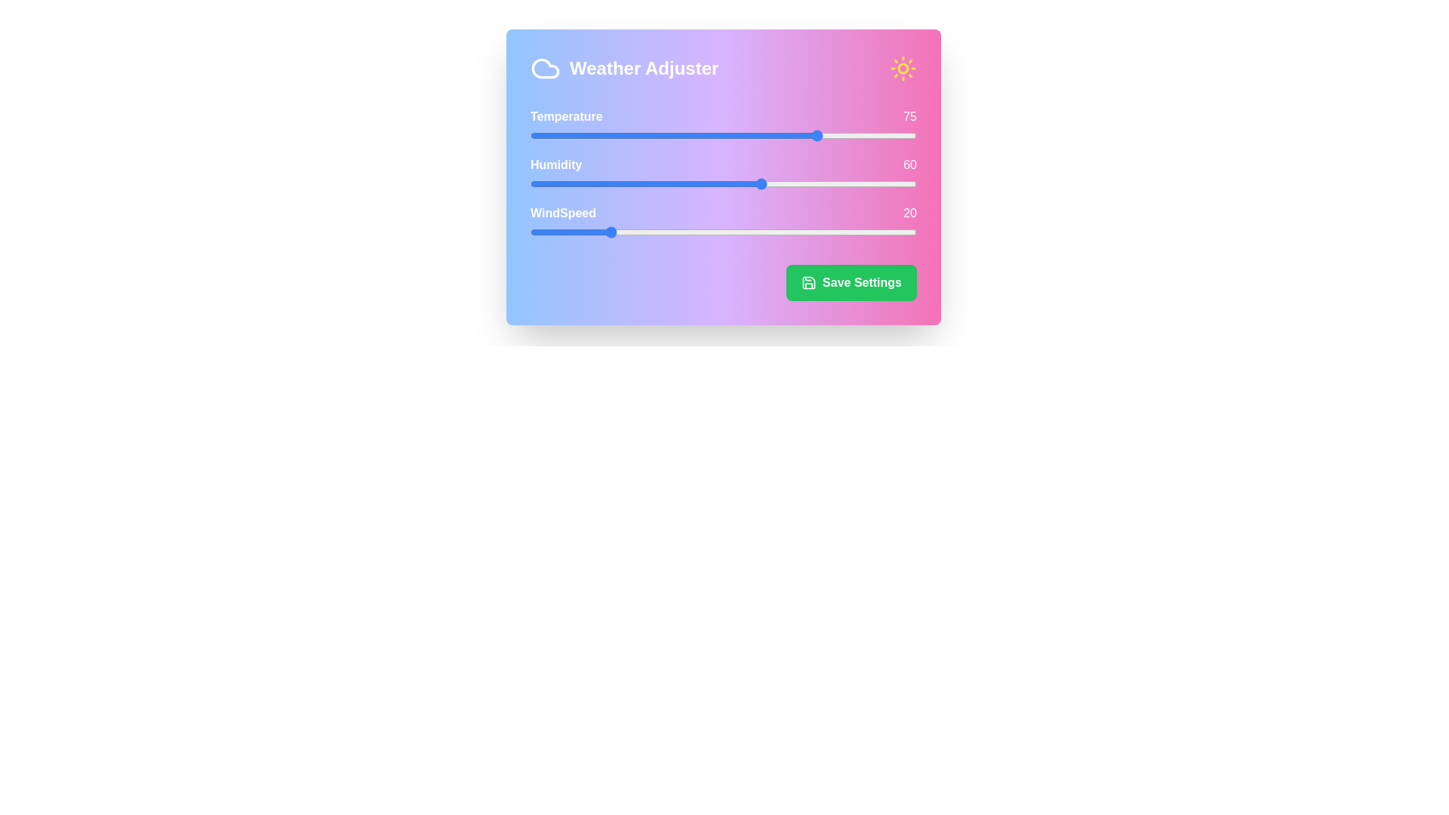 The width and height of the screenshot is (1449, 815). What do you see at coordinates (909, 165) in the screenshot?
I see `the numeric reading label for 'Humidity' in the 'Weather Adjuster' interface, located in the rightmost position adjacent to the 'Humidity' label` at bounding box center [909, 165].